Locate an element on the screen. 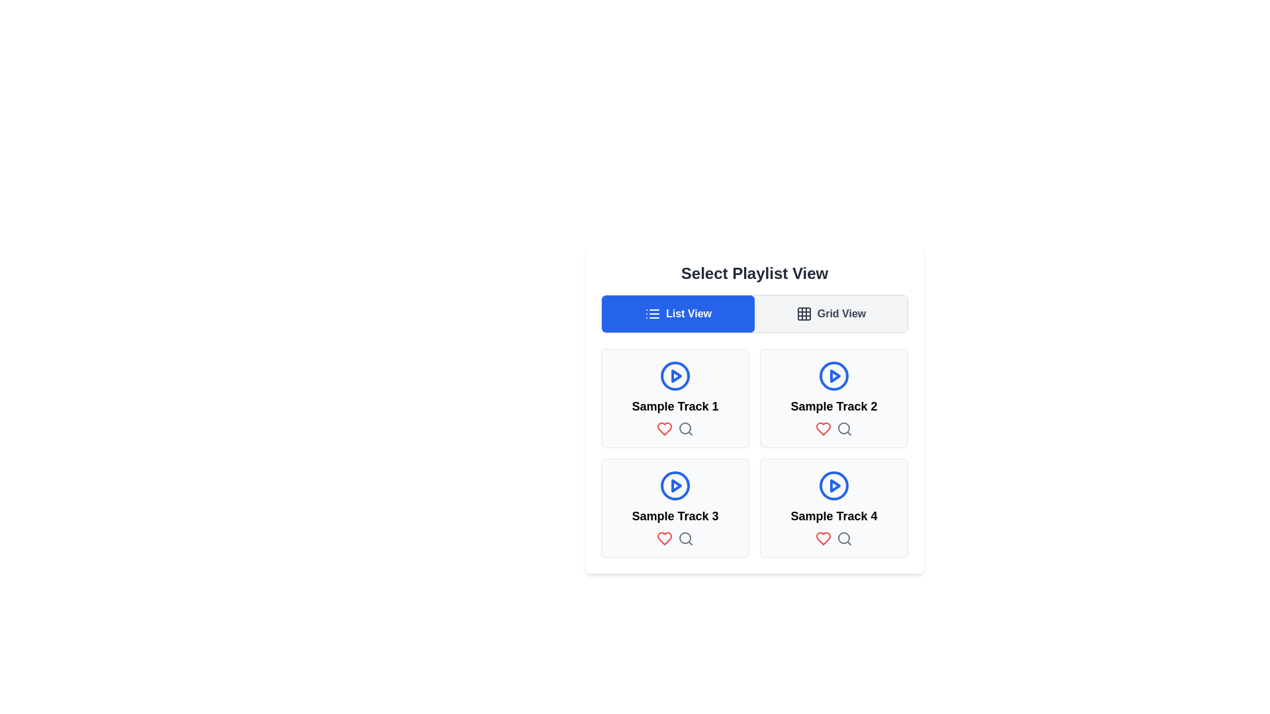  the play button icon located in the bottom-right corner of the card titled 'Sample Track 4' is located at coordinates (833, 486).